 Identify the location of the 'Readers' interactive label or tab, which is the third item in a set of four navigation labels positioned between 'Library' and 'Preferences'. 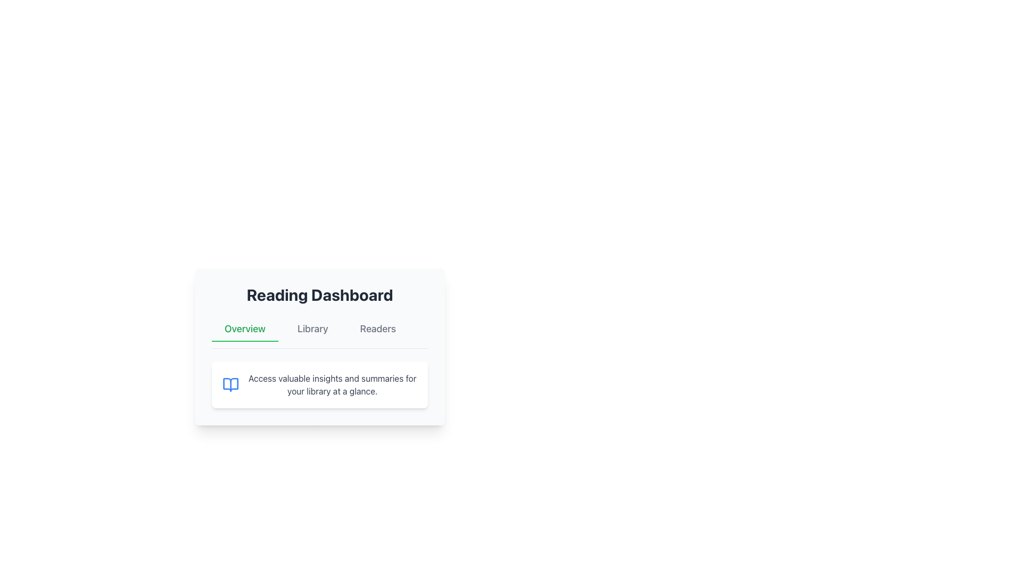
(378, 328).